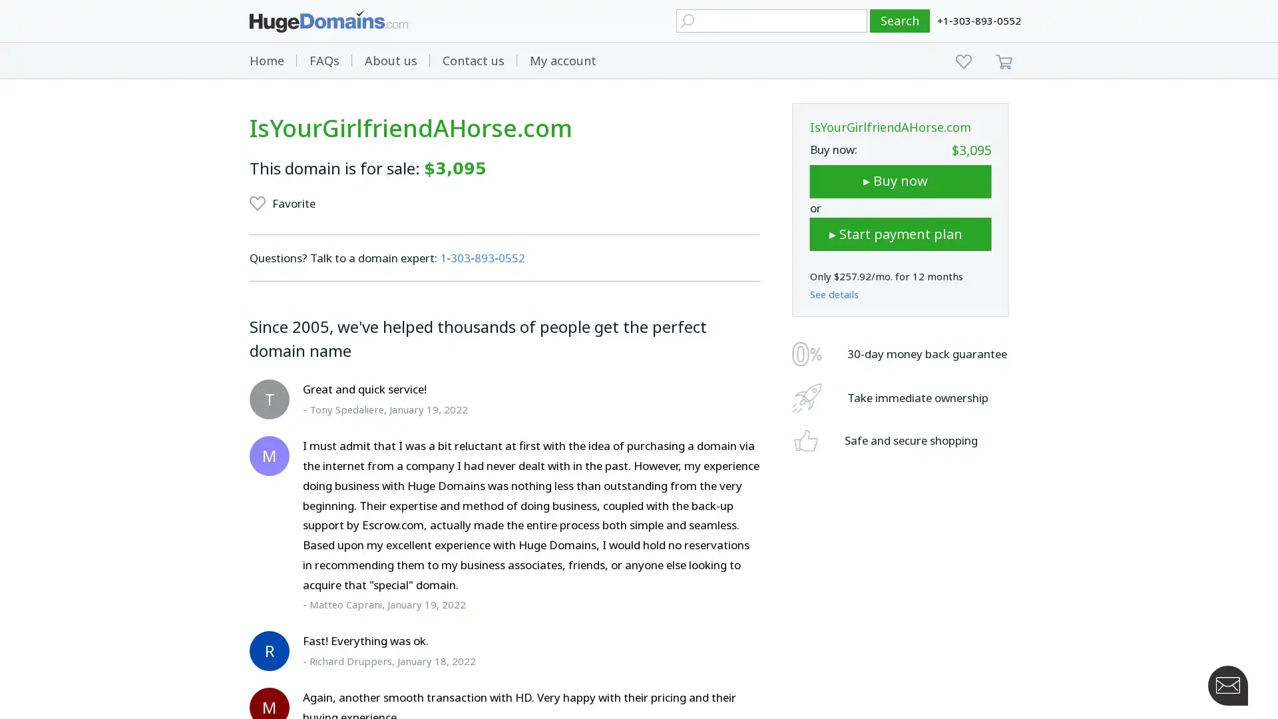 This screenshot has width=1278, height=719. I want to click on Search, so click(900, 21).